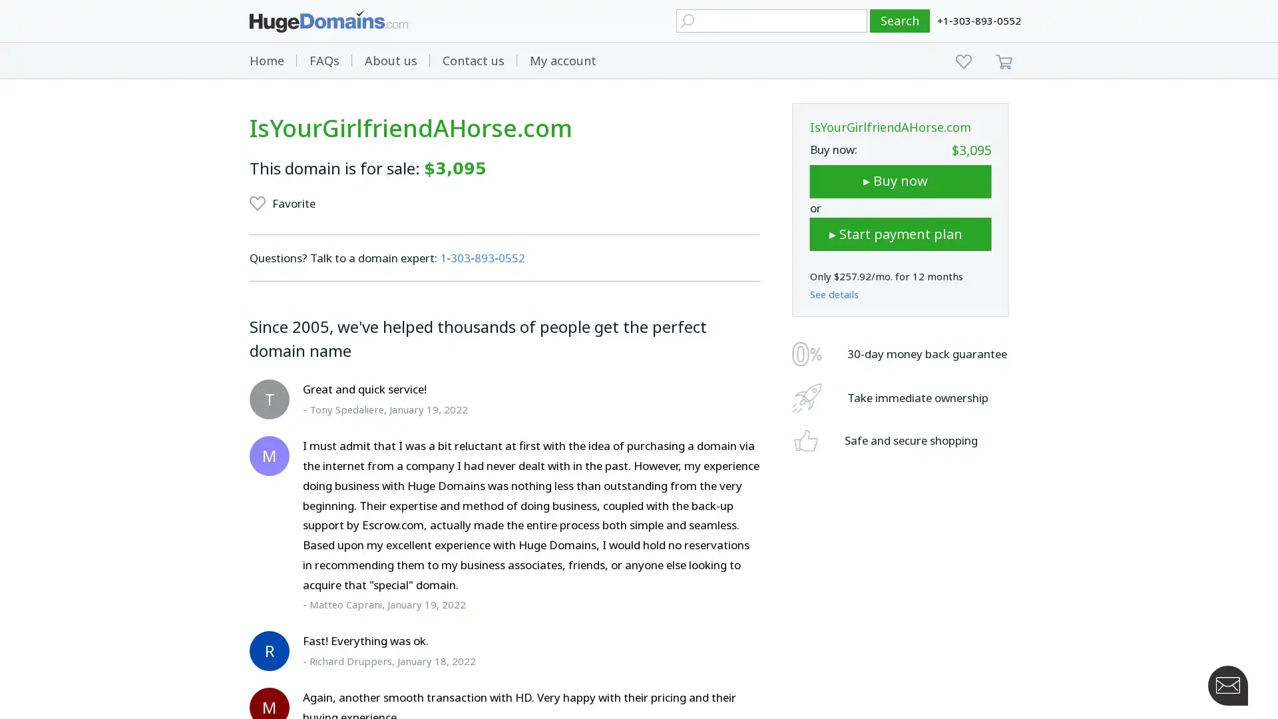 This screenshot has width=1278, height=719. I want to click on Search, so click(900, 21).